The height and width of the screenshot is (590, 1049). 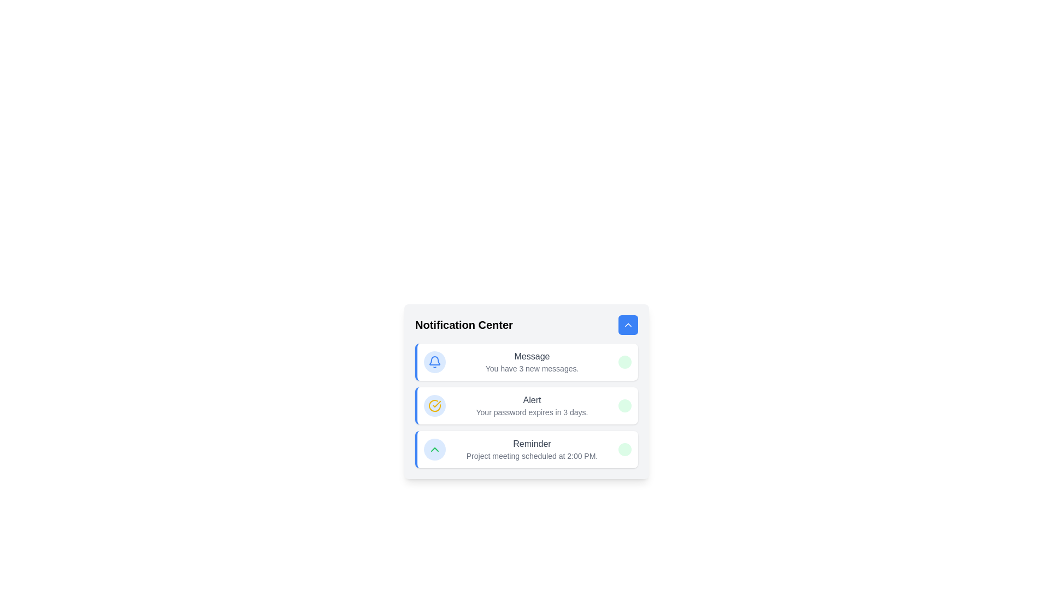 What do you see at coordinates (532, 406) in the screenshot?
I see `information displayed in the text block that notifies the user about the expiration of their password in three days, located in the second notification item of the notification center interface` at bounding box center [532, 406].